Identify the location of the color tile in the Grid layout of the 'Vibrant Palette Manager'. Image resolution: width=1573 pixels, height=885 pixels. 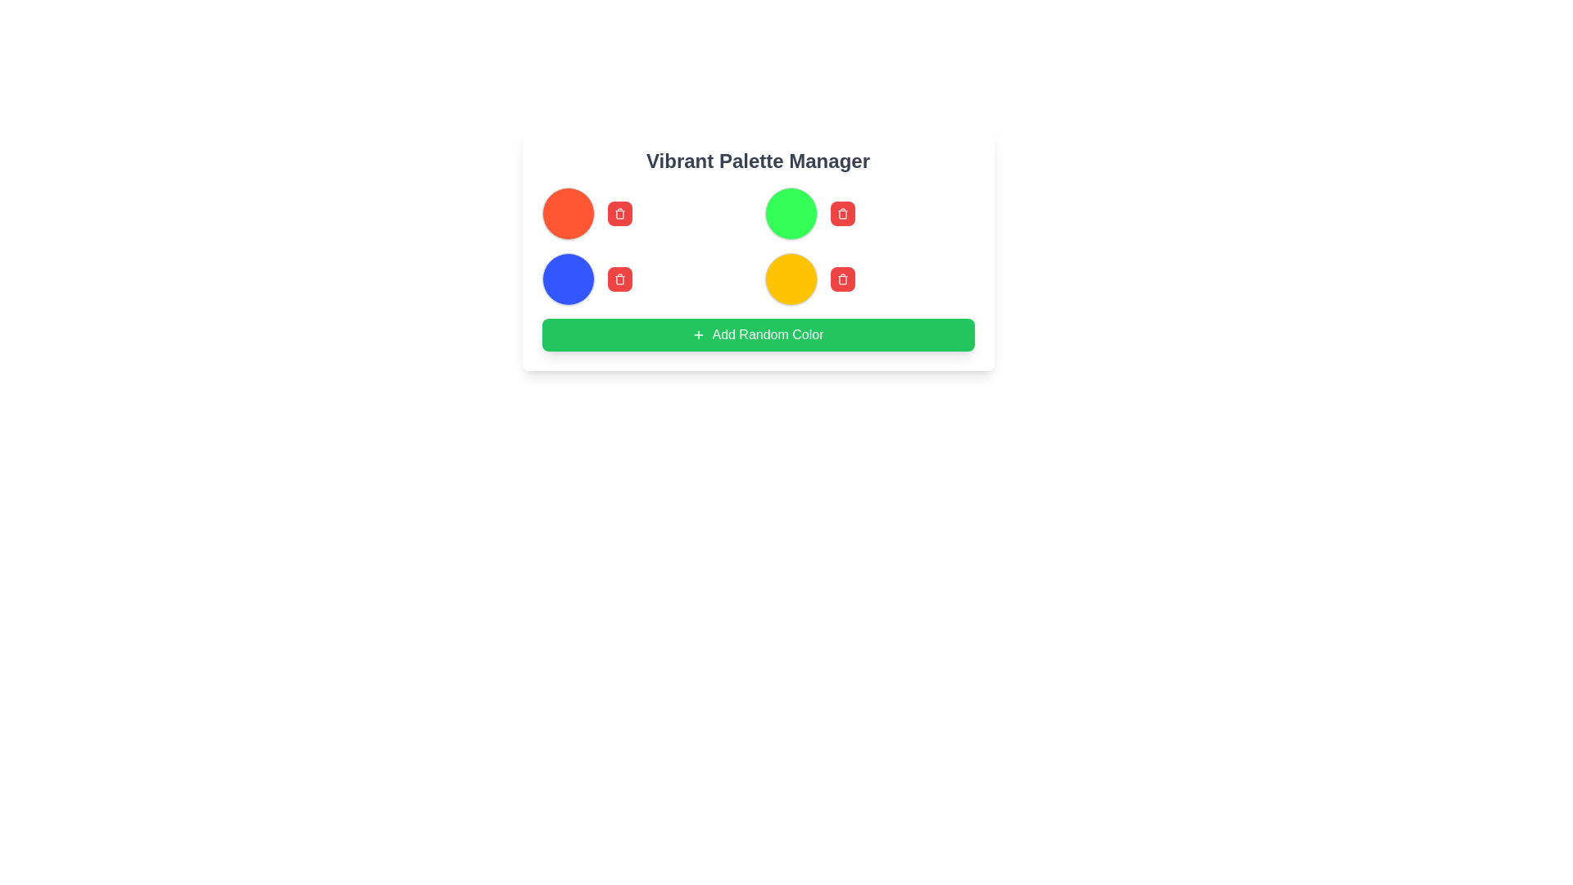
(757, 246).